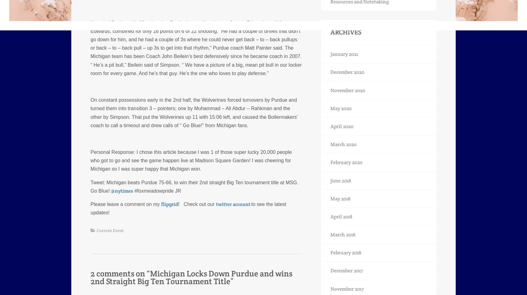 This screenshot has height=295, width=527. I want to click on 'February 2018', so click(346, 252).